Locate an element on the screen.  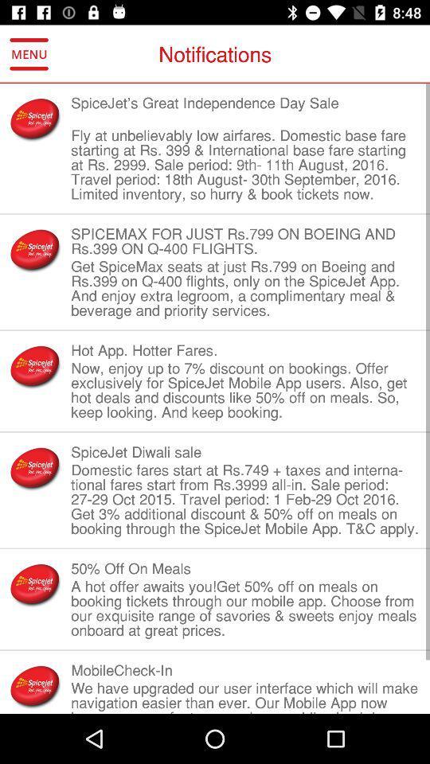
item next to the hot app hotter is located at coordinates (35, 366).